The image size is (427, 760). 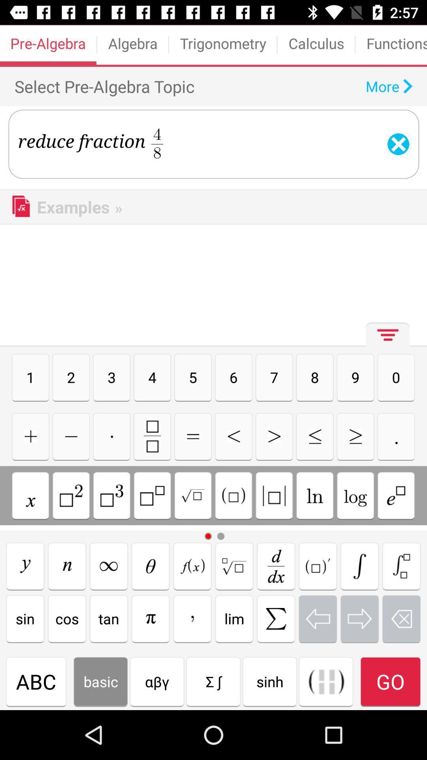 I want to click on use the symbol, so click(x=30, y=436).